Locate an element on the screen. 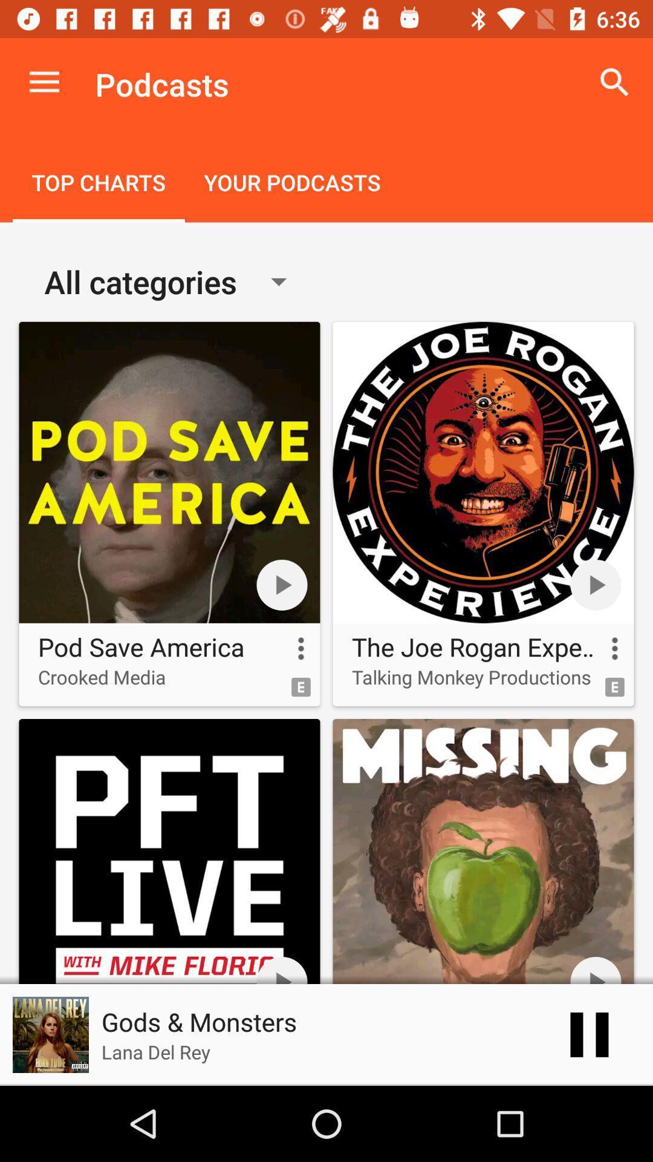 This screenshot has height=1162, width=653. icon above top charts is located at coordinates (44, 82).